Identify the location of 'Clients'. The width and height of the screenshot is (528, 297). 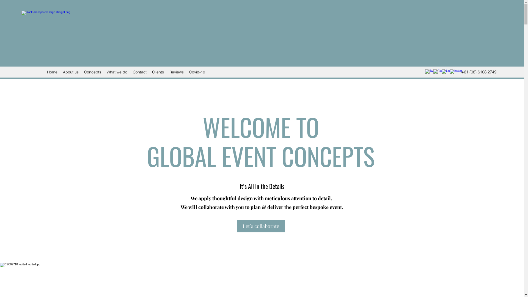
(158, 72).